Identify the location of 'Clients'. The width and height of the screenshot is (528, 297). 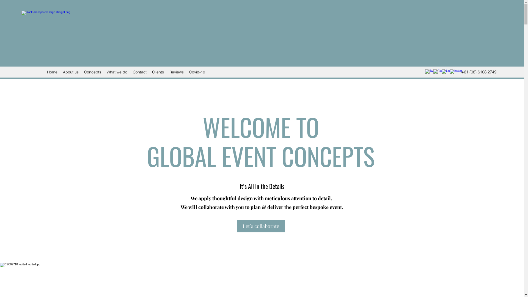
(158, 72).